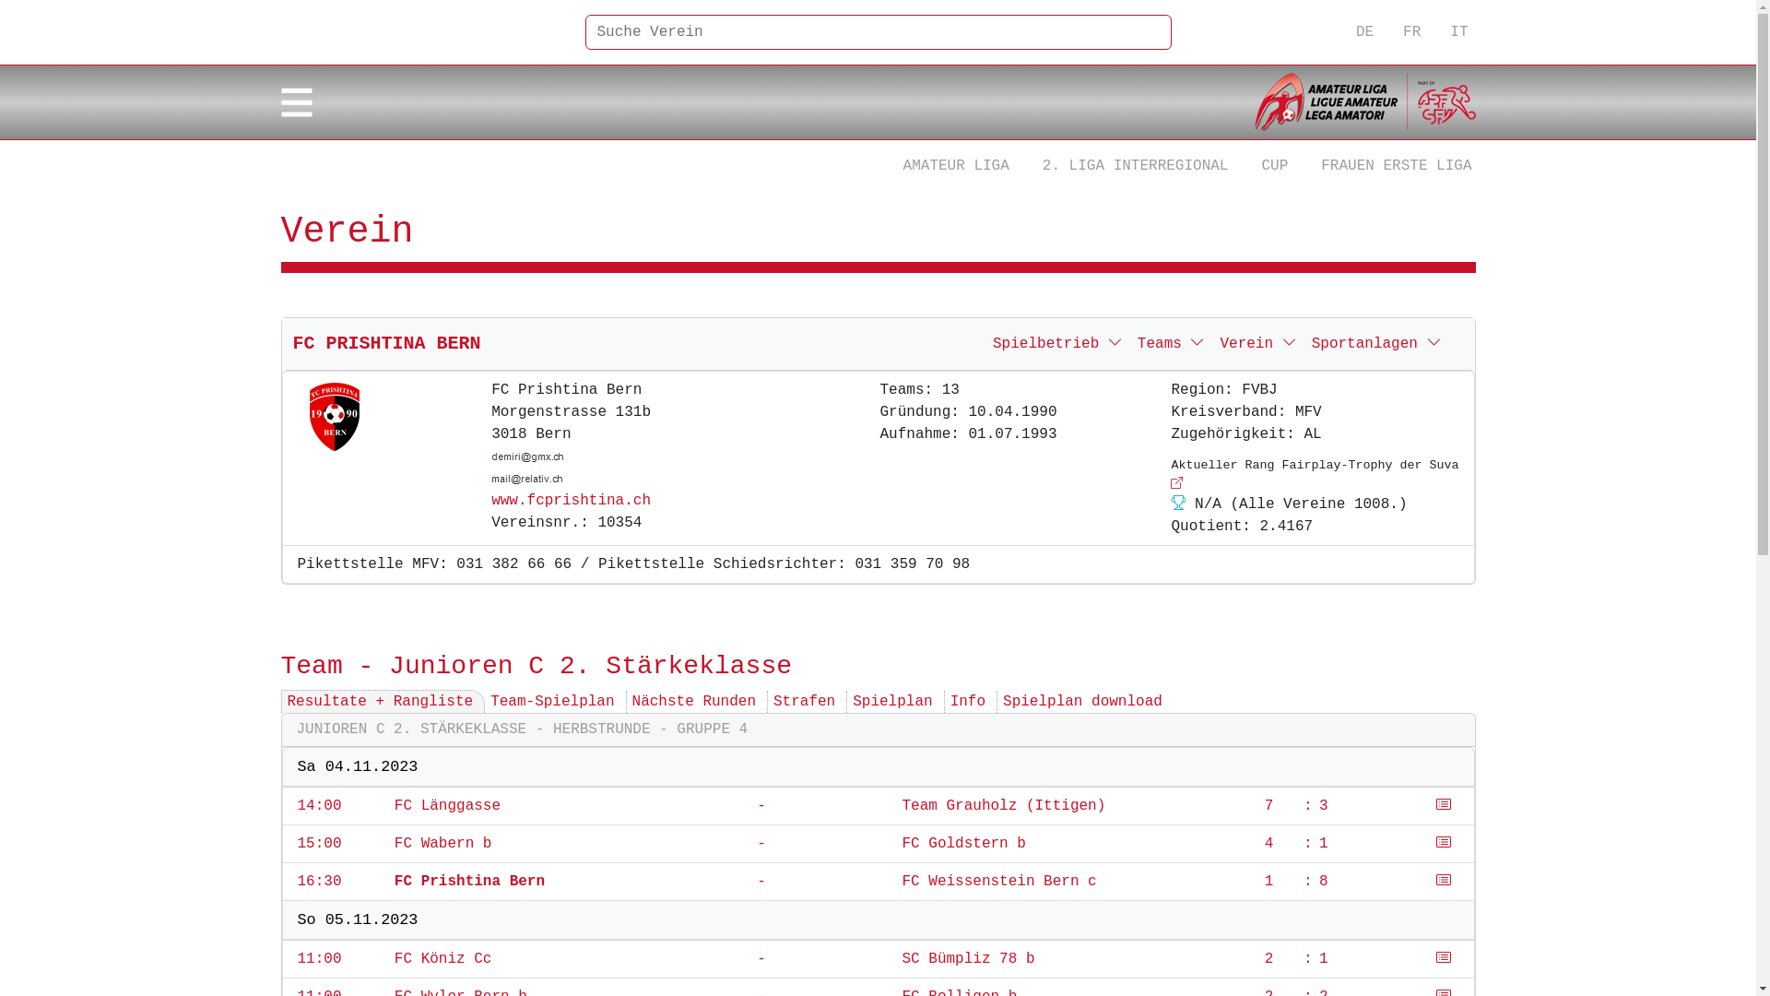  I want to click on 'CUP', so click(1273, 166).